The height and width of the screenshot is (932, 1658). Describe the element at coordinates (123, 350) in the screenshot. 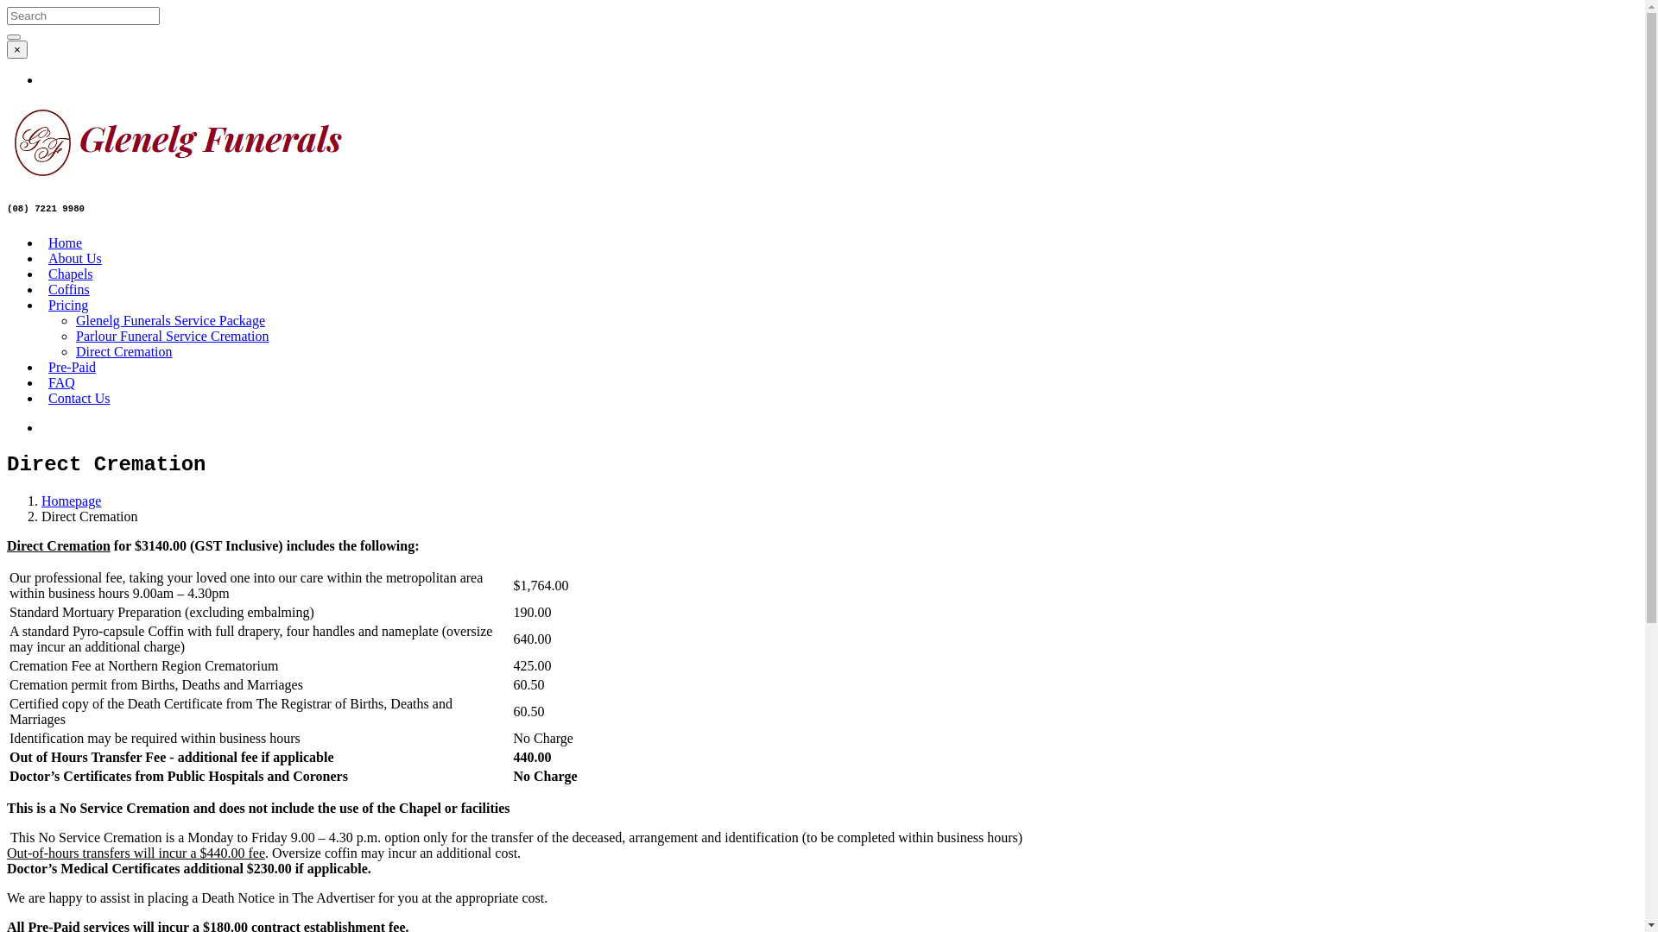

I see `'Direct Cremation'` at that location.